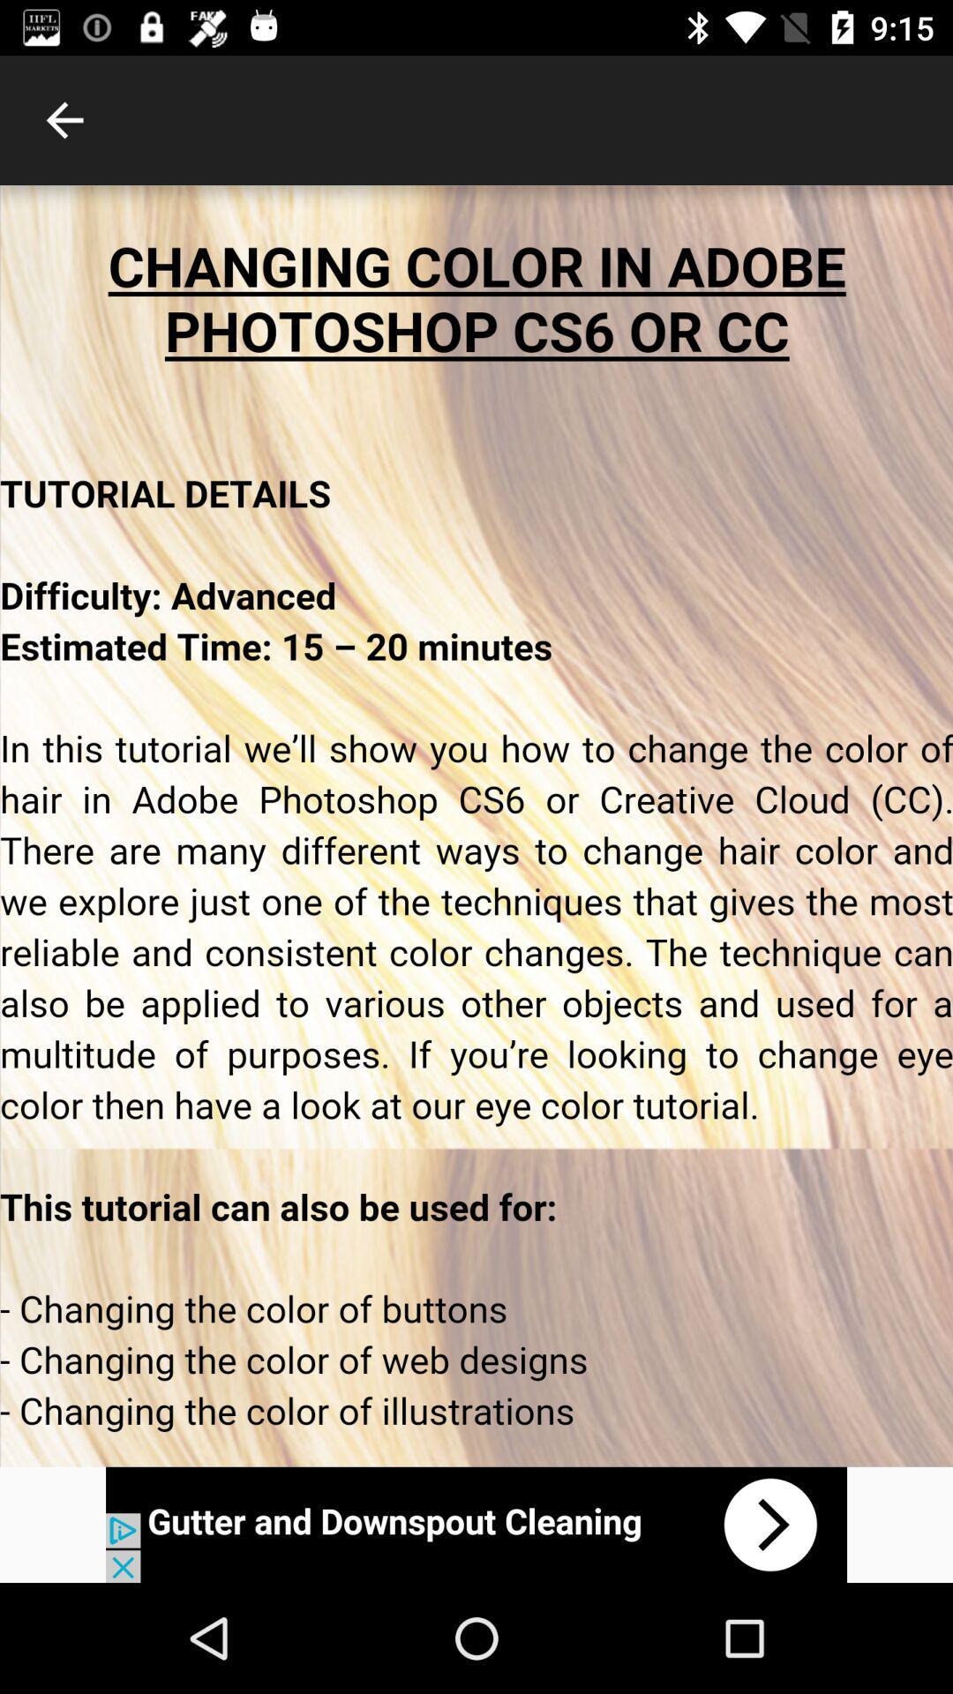 This screenshot has height=1694, width=953. Describe the element at coordinates (476, 1524) in the screenshot. I see `next` at that location.